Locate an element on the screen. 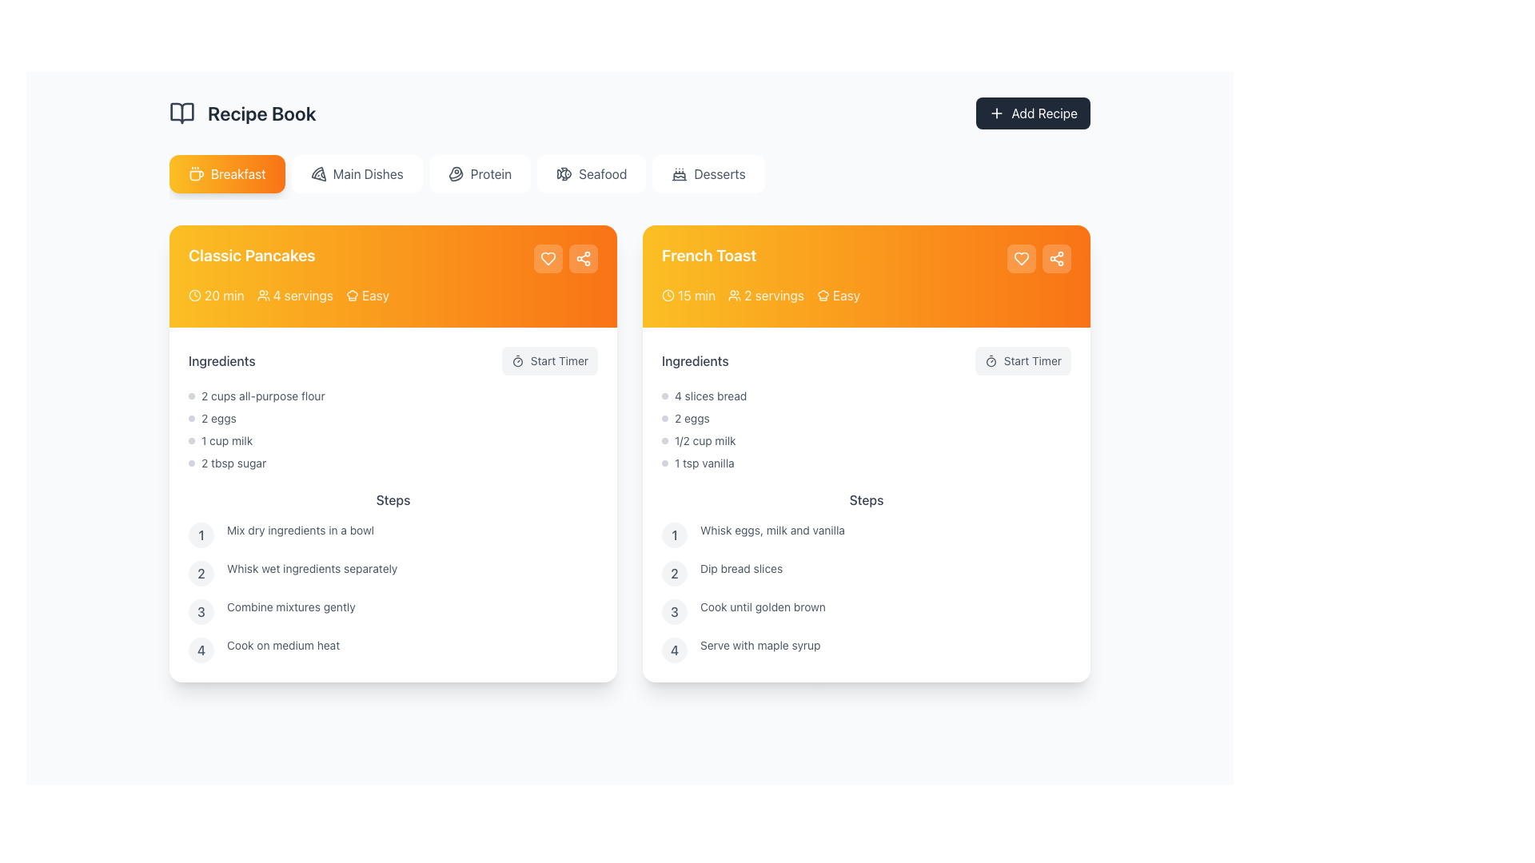  the coffee cup icon, which is a minimalistic outline design with a rectangular base and steam lines, located to the left of the text 'Breakfast' is located at coordinates (195, 174).